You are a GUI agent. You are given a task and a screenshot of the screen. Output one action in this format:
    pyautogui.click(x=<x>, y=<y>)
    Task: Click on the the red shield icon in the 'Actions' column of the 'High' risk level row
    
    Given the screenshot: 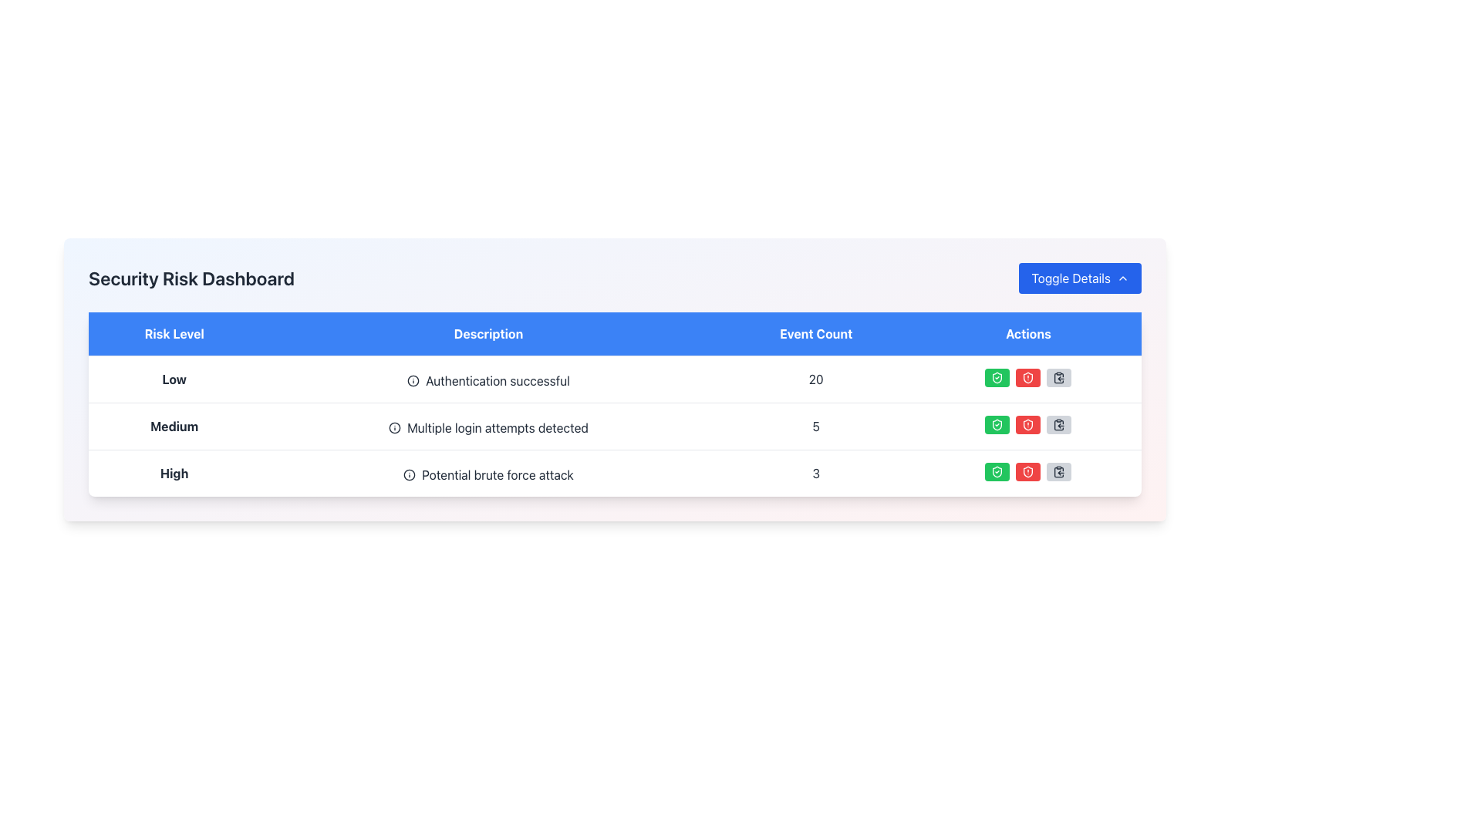 What is the action you would take?
    pyautogui.click(x=1028, y=471)
    